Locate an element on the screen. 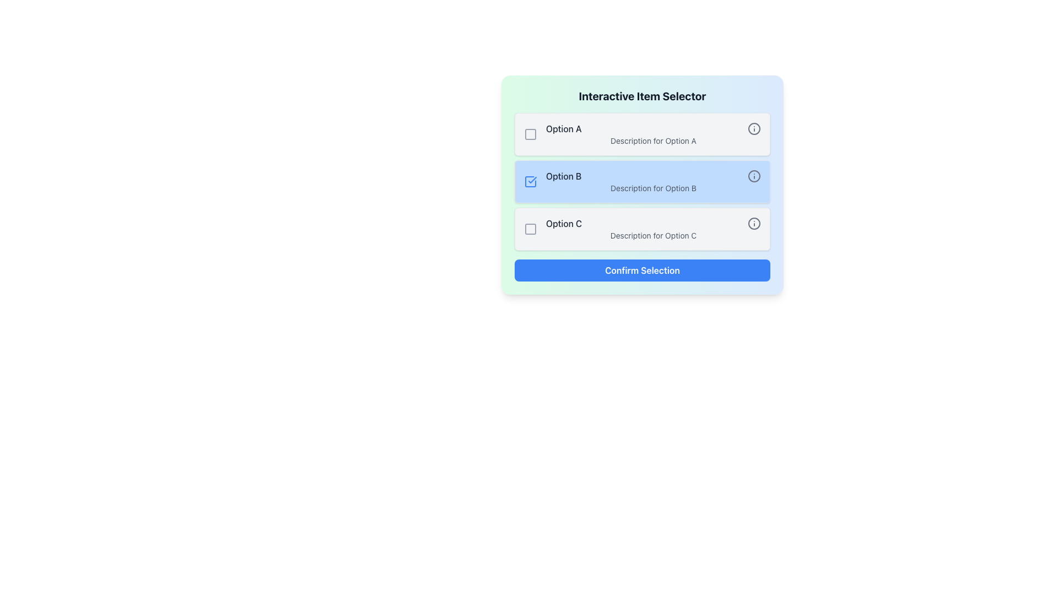  the selectable list item labeled 'Option B' with a checkbox is located at coordinates (643, 181).